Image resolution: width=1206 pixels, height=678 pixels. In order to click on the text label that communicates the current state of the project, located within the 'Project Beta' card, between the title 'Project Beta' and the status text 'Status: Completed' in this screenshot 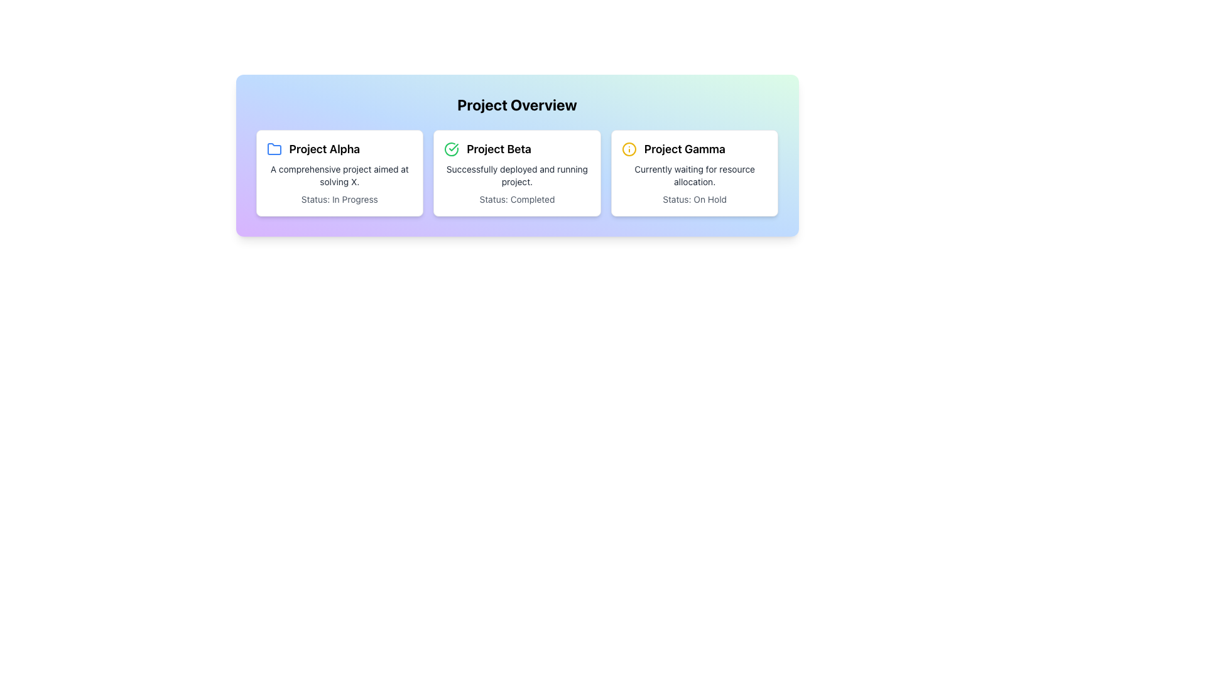, I will do `click(517, 176)`.